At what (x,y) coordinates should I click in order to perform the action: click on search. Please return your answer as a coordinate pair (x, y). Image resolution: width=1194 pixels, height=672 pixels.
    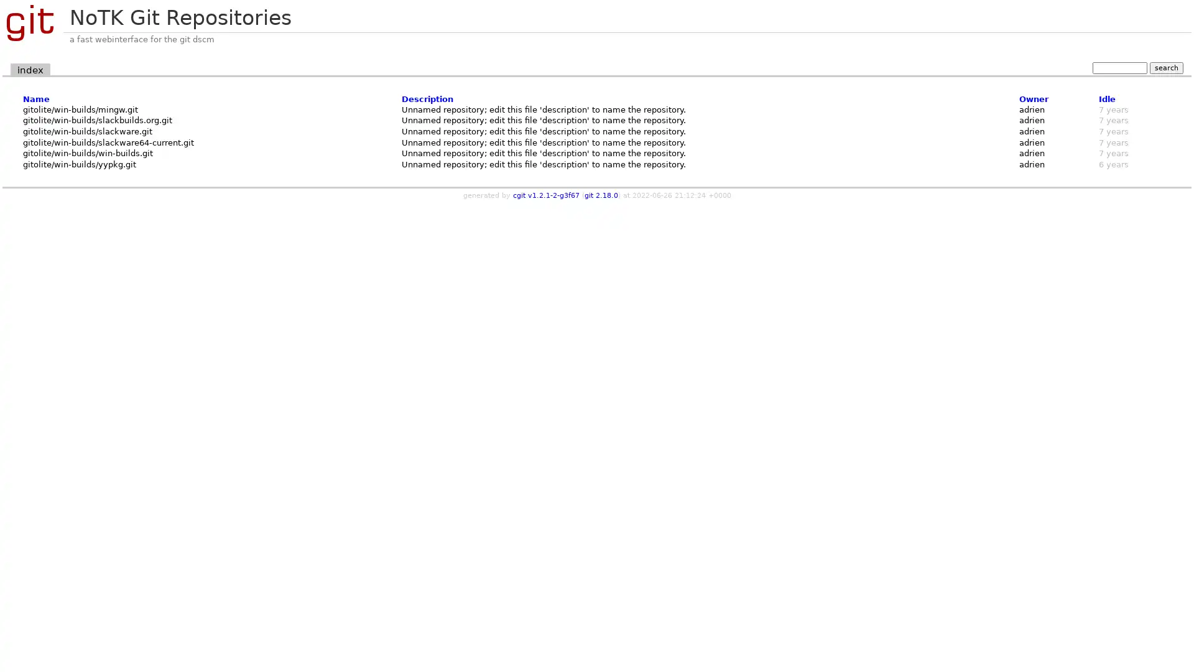
    Looking at the image, I should click on (1165, 67).